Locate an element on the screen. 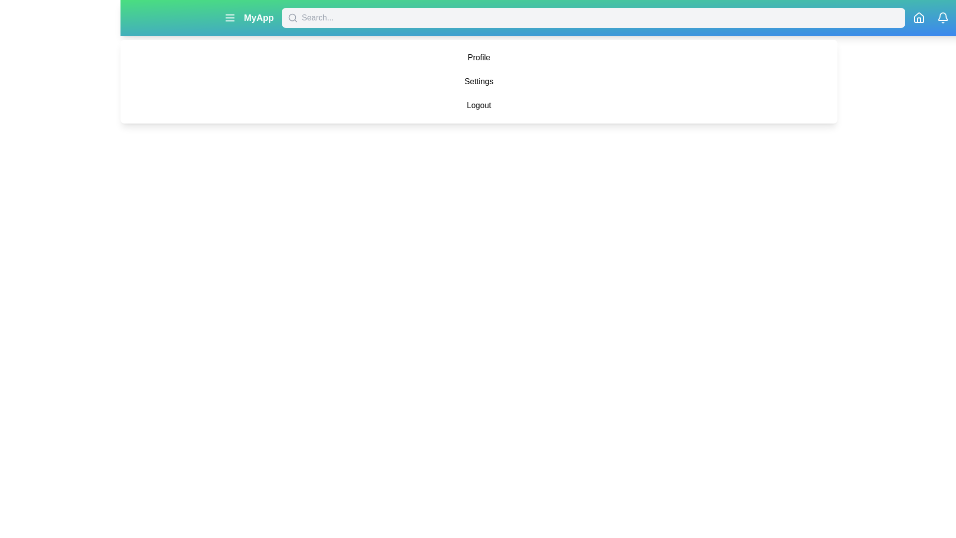 The height and width of the screenshot is (538, 956). the 'MyApp' text label, which is a bold white logo on a gradient green-blue background, positioned to the right of a menu icon and to the left of a search bar in the header is located at coordinates (258, 17).